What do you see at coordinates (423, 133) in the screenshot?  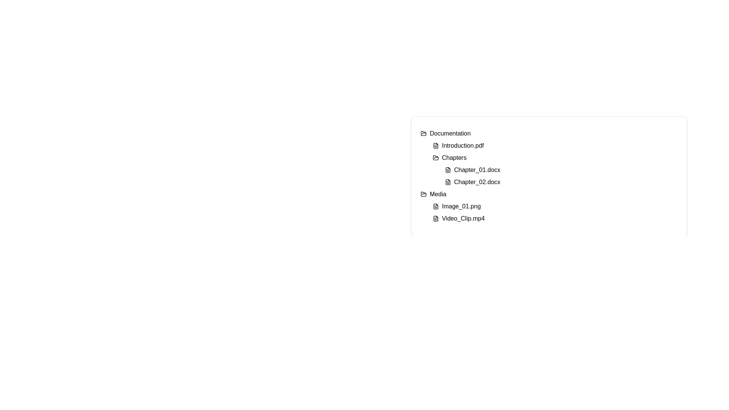 I see `the folder icon, which is an open folder depiction located to the left of the 'Documentation' text in the top-left section of the file browser panel` at bounding box center [423, 133].